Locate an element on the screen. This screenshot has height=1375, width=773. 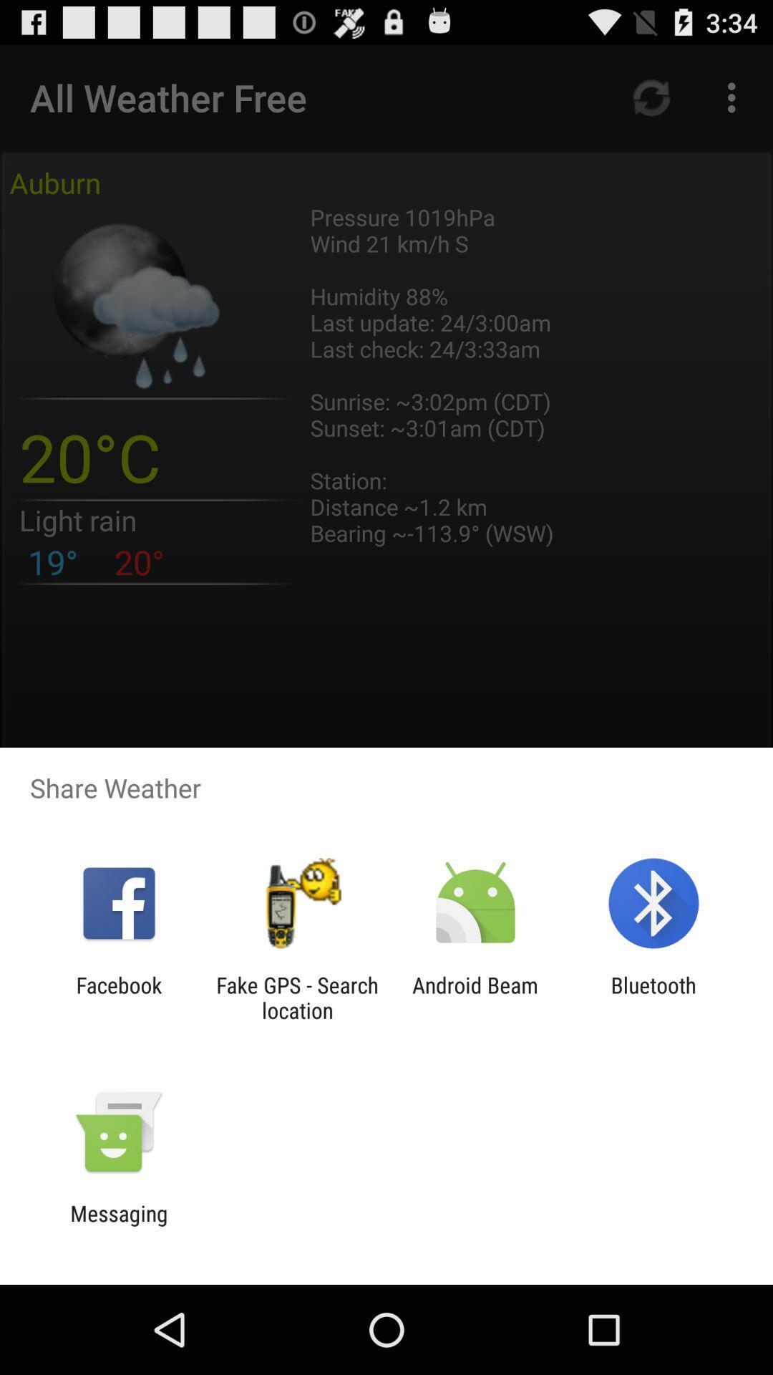
the fake gps search app is located at coordinates (296, 997).